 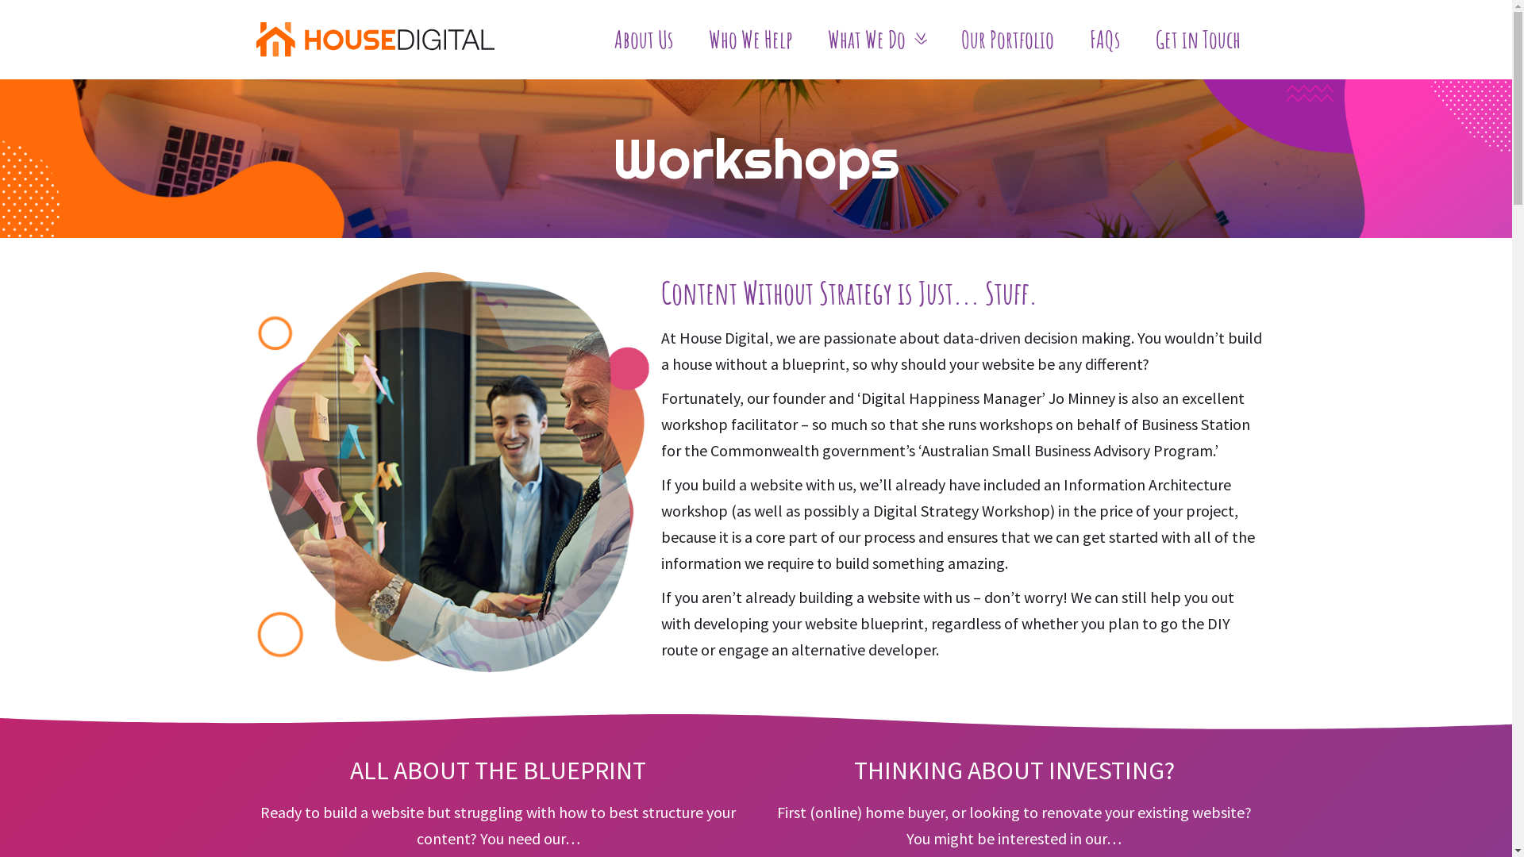 I want to click on 'What We Do', so click(x=875, y=39).